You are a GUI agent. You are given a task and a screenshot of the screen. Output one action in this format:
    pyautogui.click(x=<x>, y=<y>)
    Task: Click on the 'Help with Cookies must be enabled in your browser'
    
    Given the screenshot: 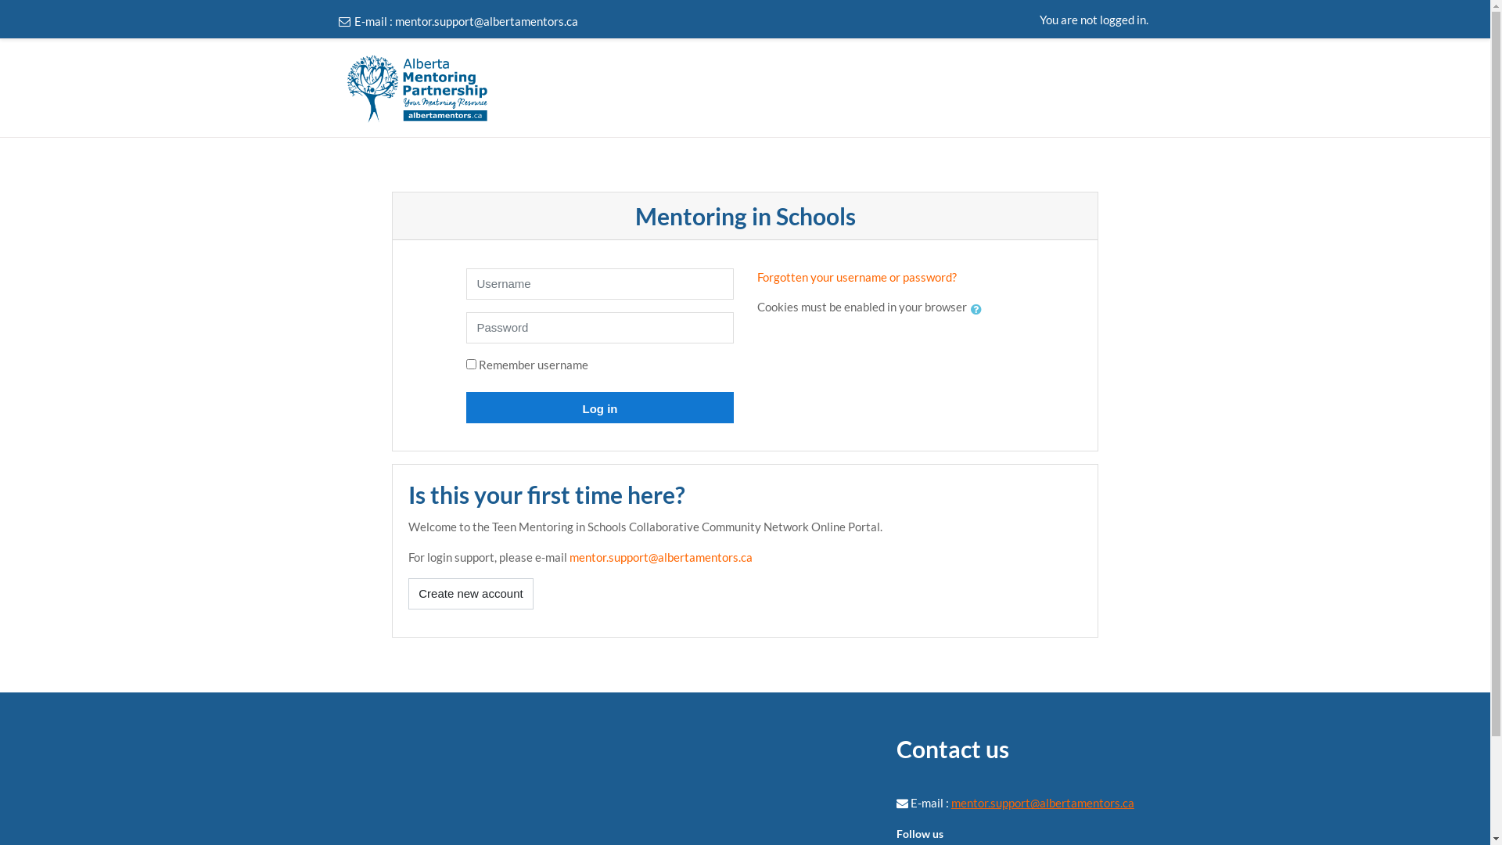 What is the action you would take?
    pyautogui.click(x=968, y=308)
    